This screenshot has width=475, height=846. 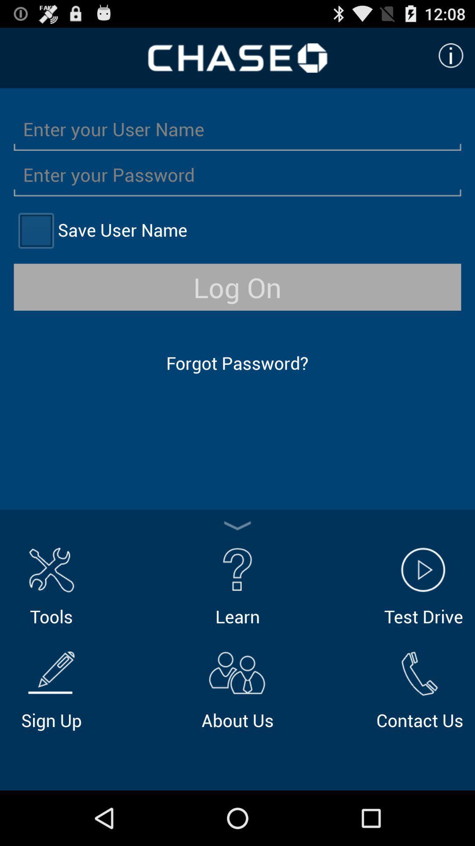 I want to click on so you can enter your user name, so click(x=237, y=128).